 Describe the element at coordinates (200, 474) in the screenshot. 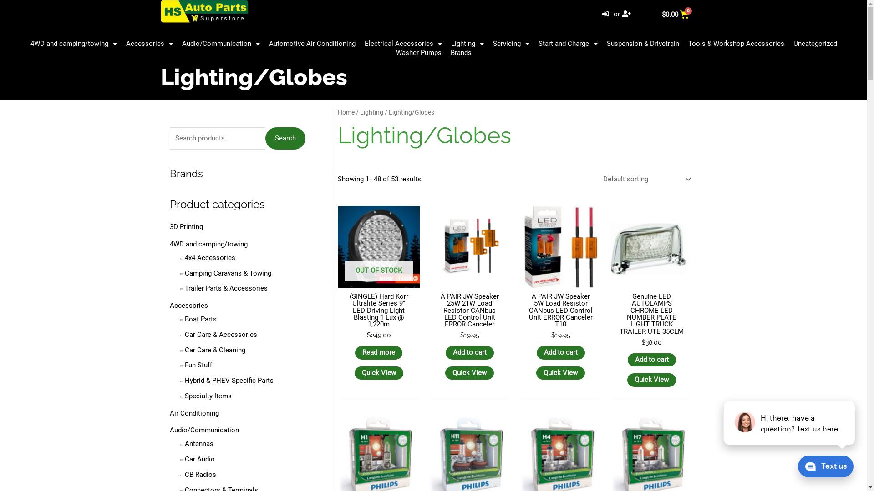

I see `'CB Radios'` at that location.